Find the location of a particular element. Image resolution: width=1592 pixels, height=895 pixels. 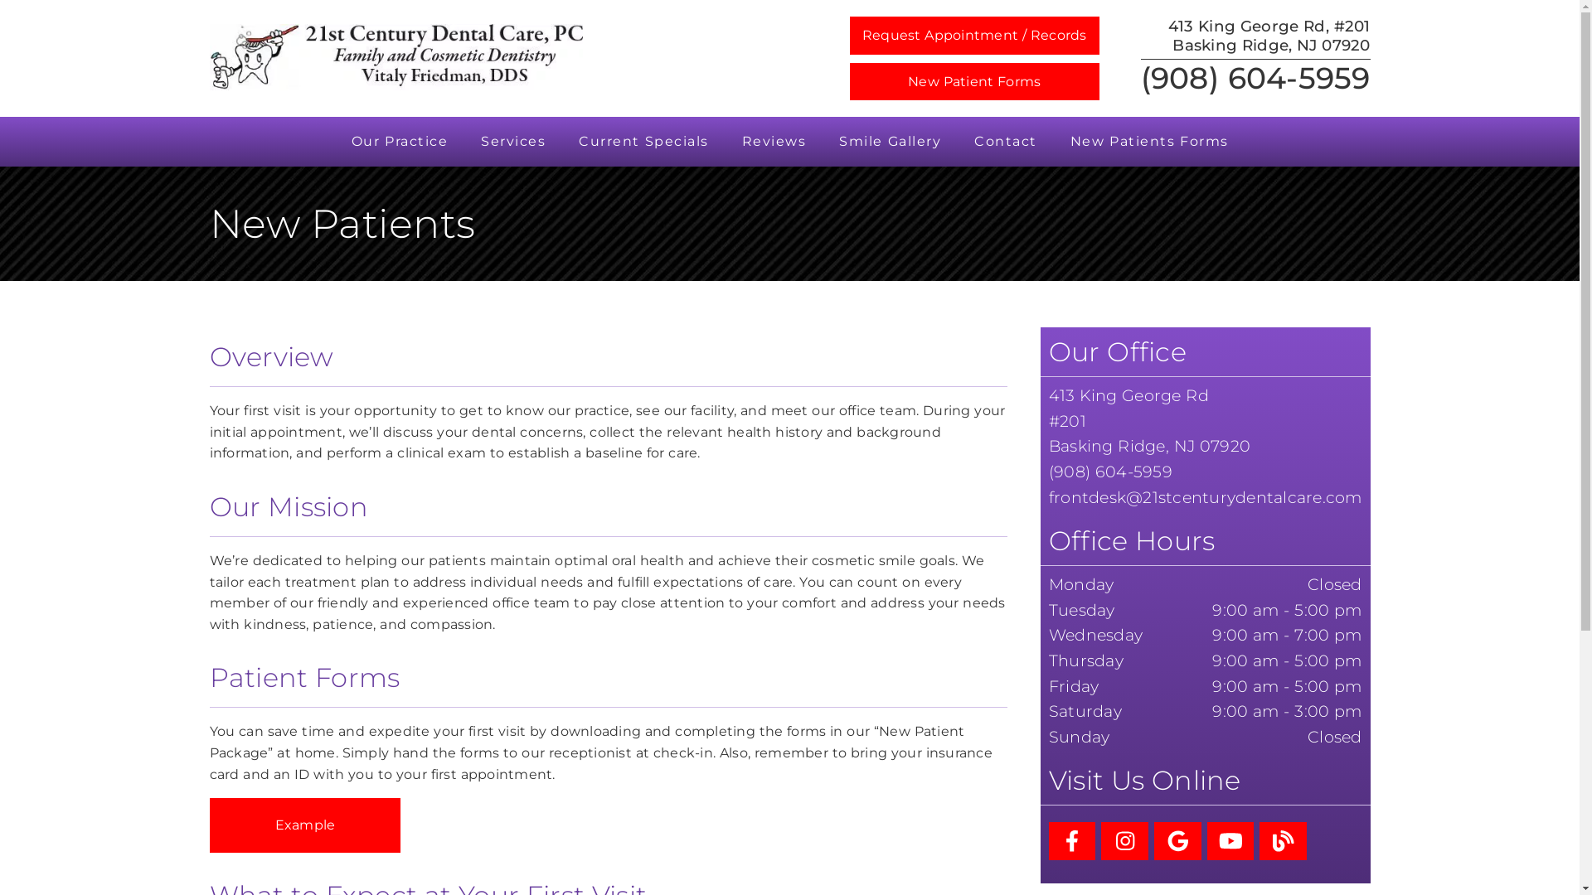

'frontdesk@21stcenturydentalcare.com' is located at coordinates (1206, 496).